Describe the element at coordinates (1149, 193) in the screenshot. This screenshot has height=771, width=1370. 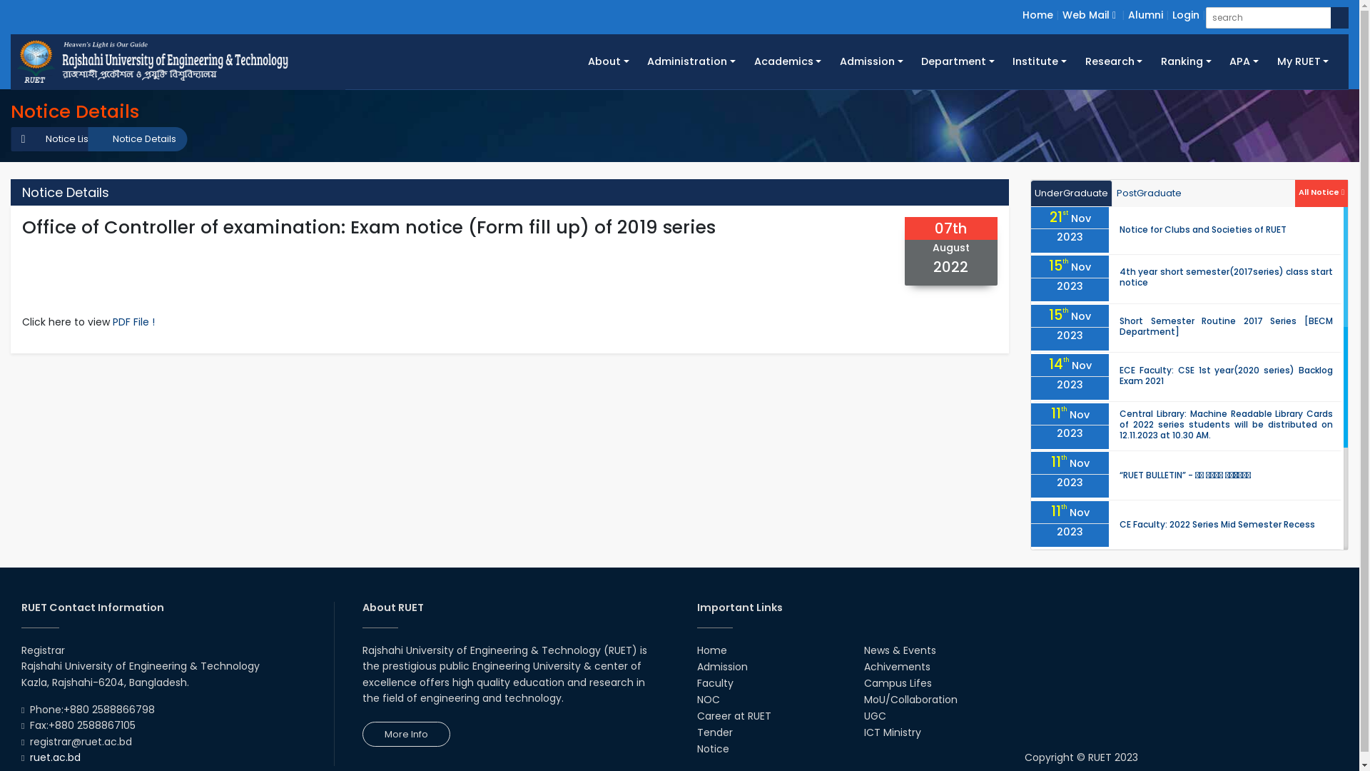
I see `'PostGraduate'` at that location.